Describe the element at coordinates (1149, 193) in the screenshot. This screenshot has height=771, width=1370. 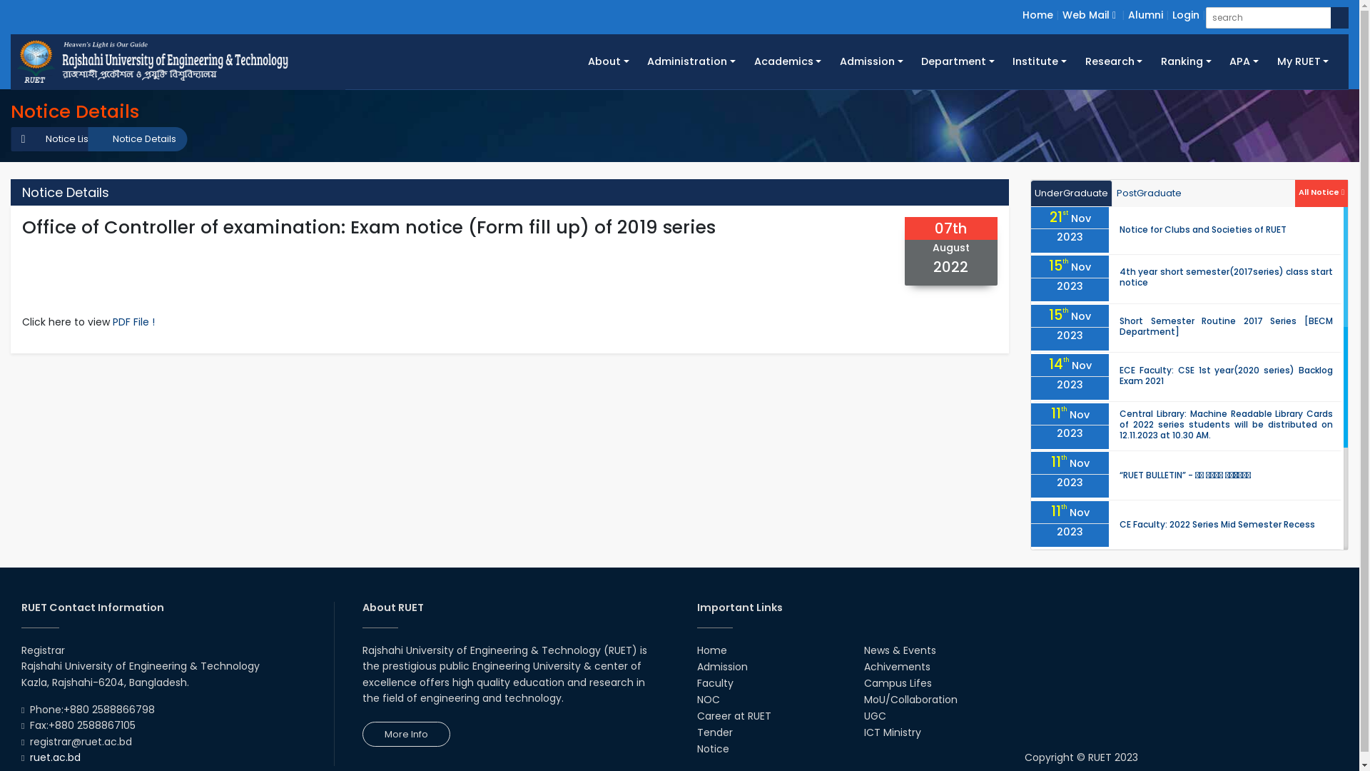
I see `'PostGraduate'` at that location.